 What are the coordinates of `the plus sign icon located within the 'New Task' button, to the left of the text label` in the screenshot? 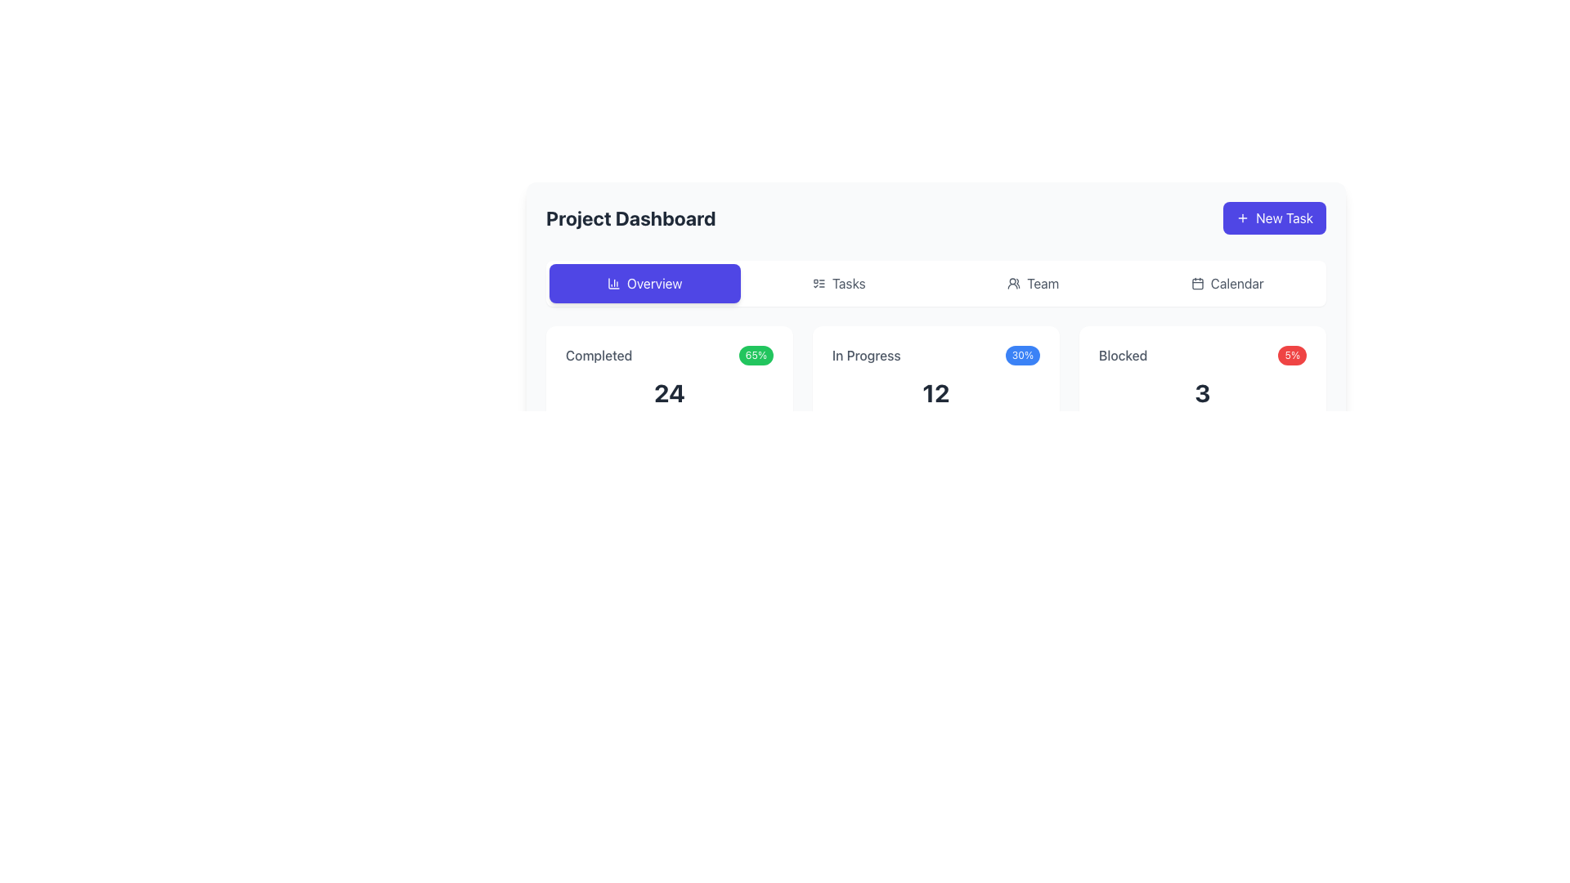 It's located at (1243, 217).